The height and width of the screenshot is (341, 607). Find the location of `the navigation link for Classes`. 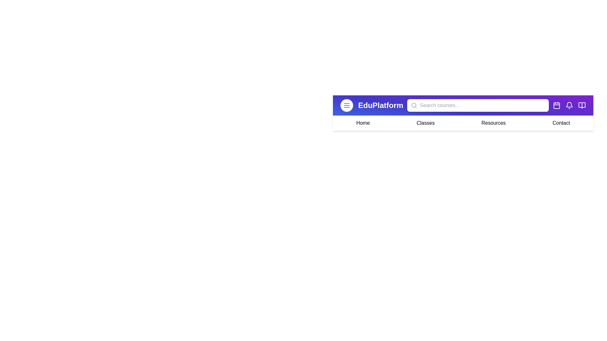

the navigation link for Classes is located at coordinates (425, 123).